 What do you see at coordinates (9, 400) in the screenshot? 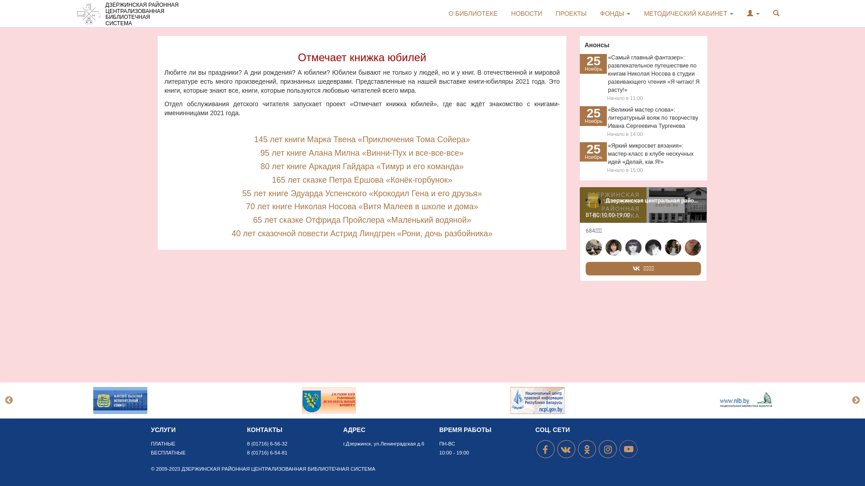
I see `'Previous'` at bounding box center [9, 400].